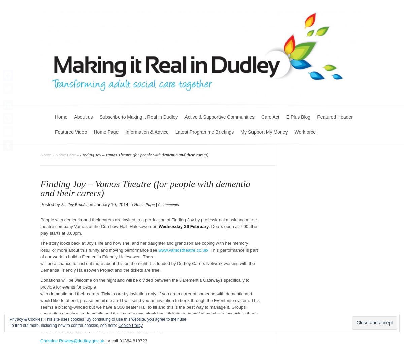 This screenshot has width=404, height=344. Describe the element at coordinates (144, 246) in the screenshot. I see `'The story looks back at Joy’s life and how she, and her daughter and grandson are coping with her memory loss.For more about this funny and moving performance see'` at that location.